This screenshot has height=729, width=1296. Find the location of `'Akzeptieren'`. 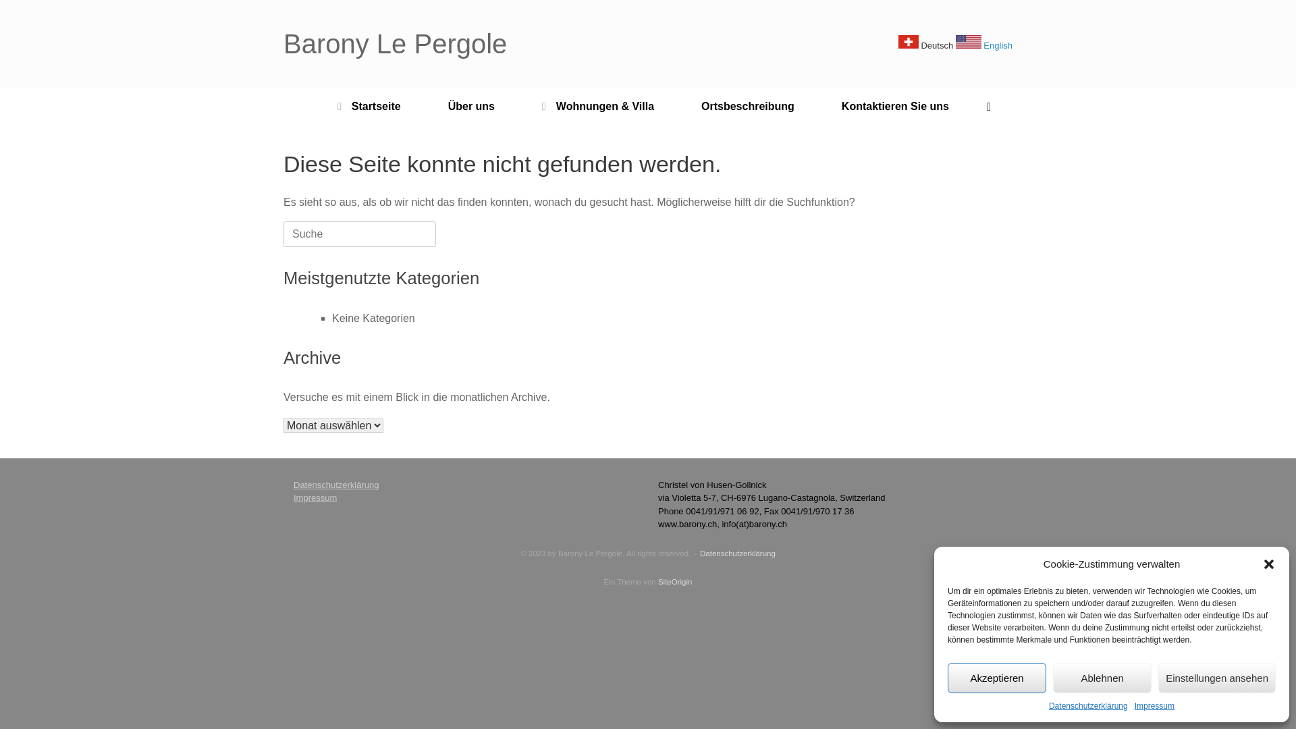

'Akzeptieren' is located at coordinates (997, 678).